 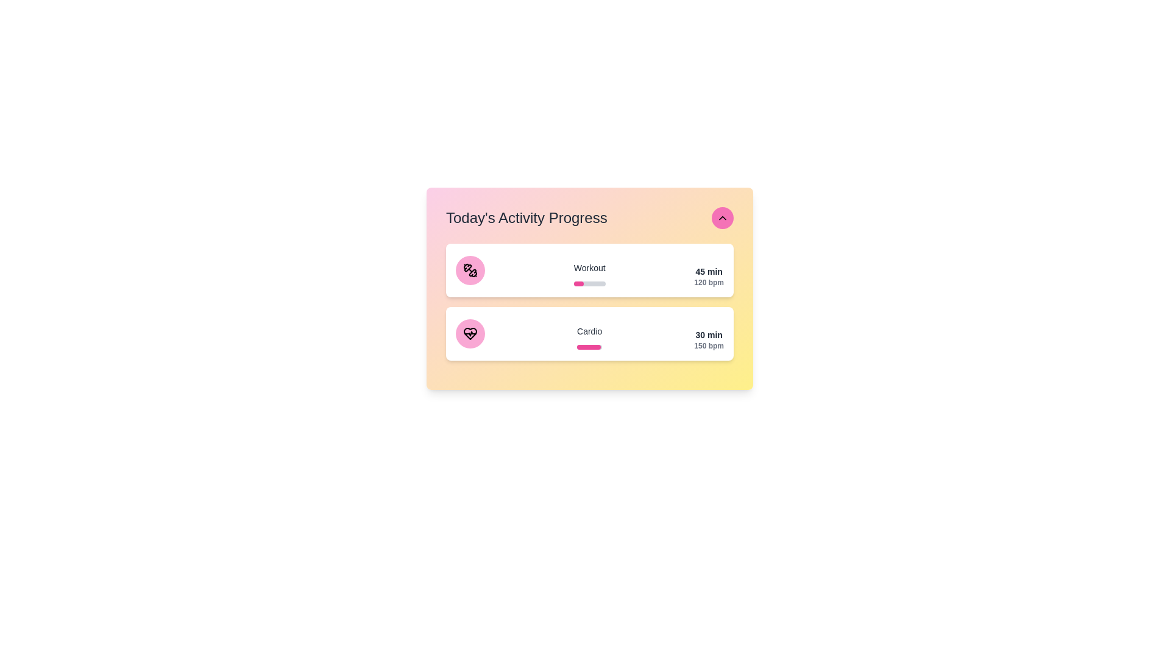 I want to click on the Text Display Component that shows duration and heart rate data related to a 'Workout' activity for further information, so click(x=709, y=274).